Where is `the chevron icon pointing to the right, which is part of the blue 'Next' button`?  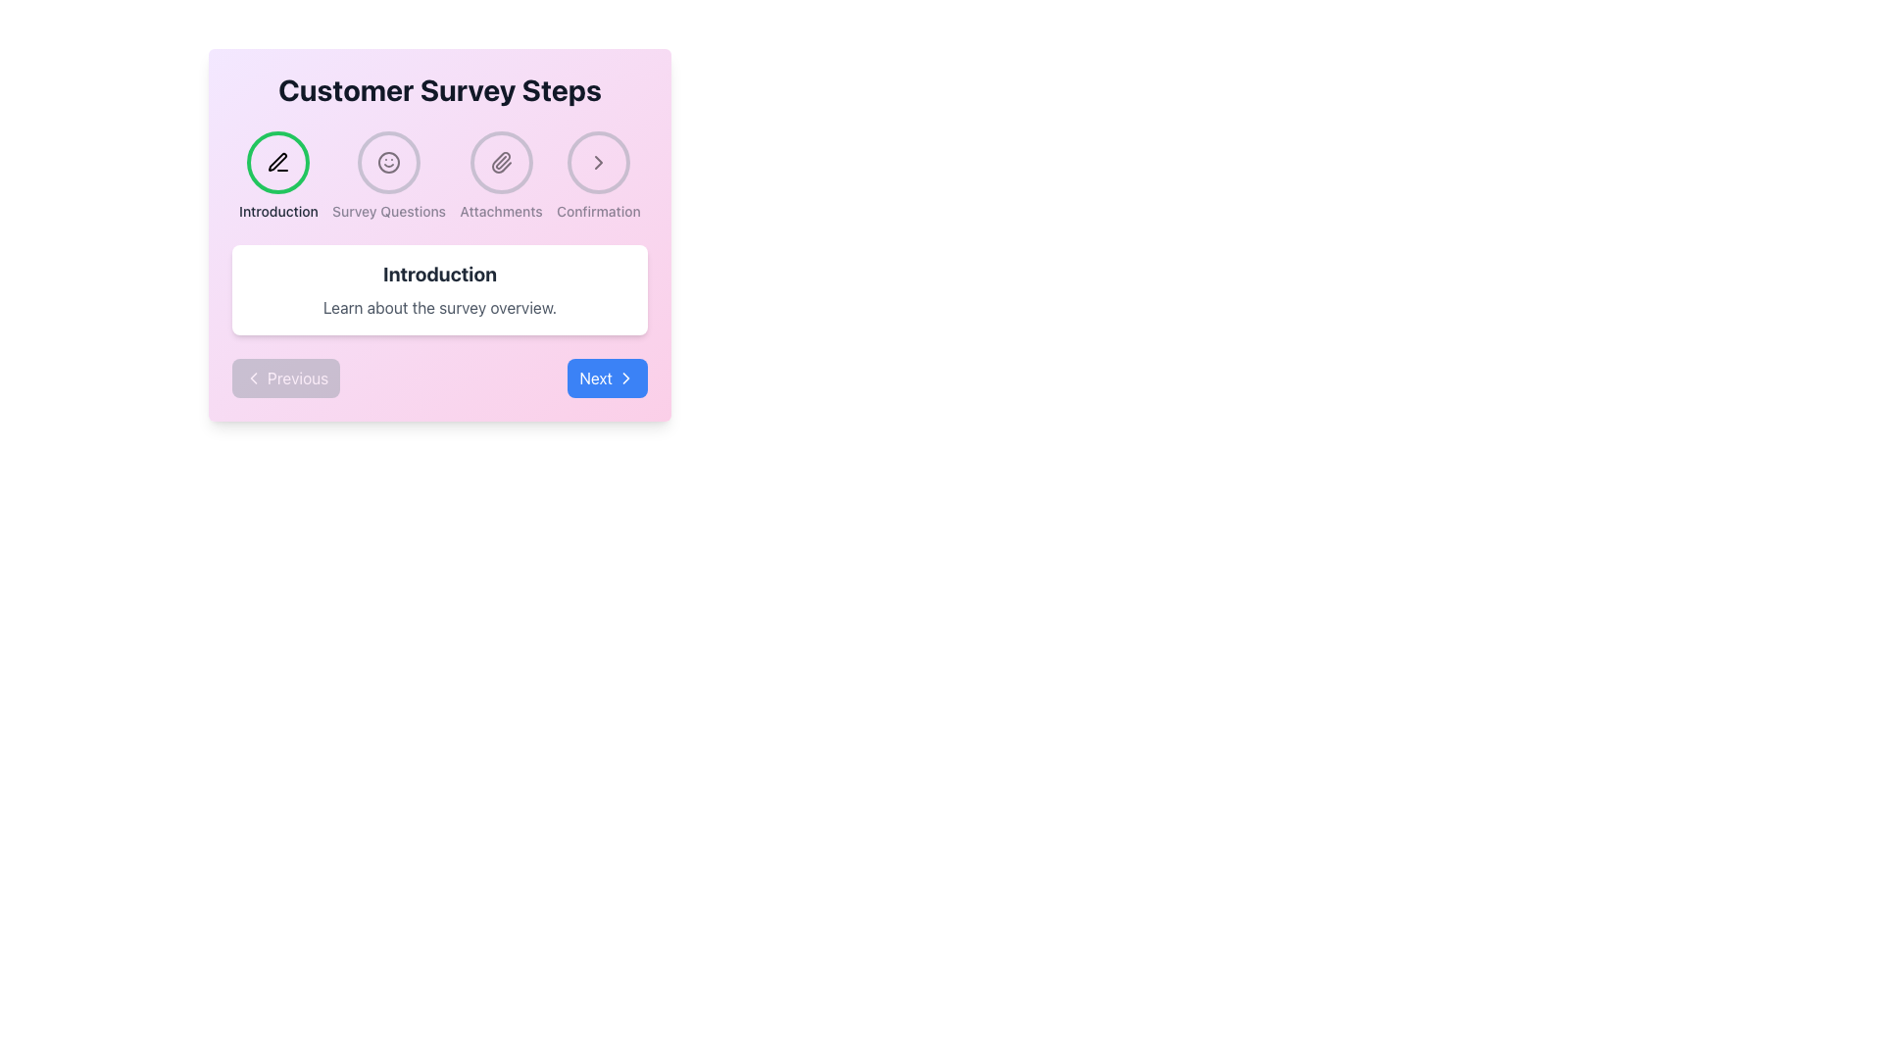
the chevron icon pointing to the right, which is part of the blue 'Next' button is located at coordinates (624, 378).